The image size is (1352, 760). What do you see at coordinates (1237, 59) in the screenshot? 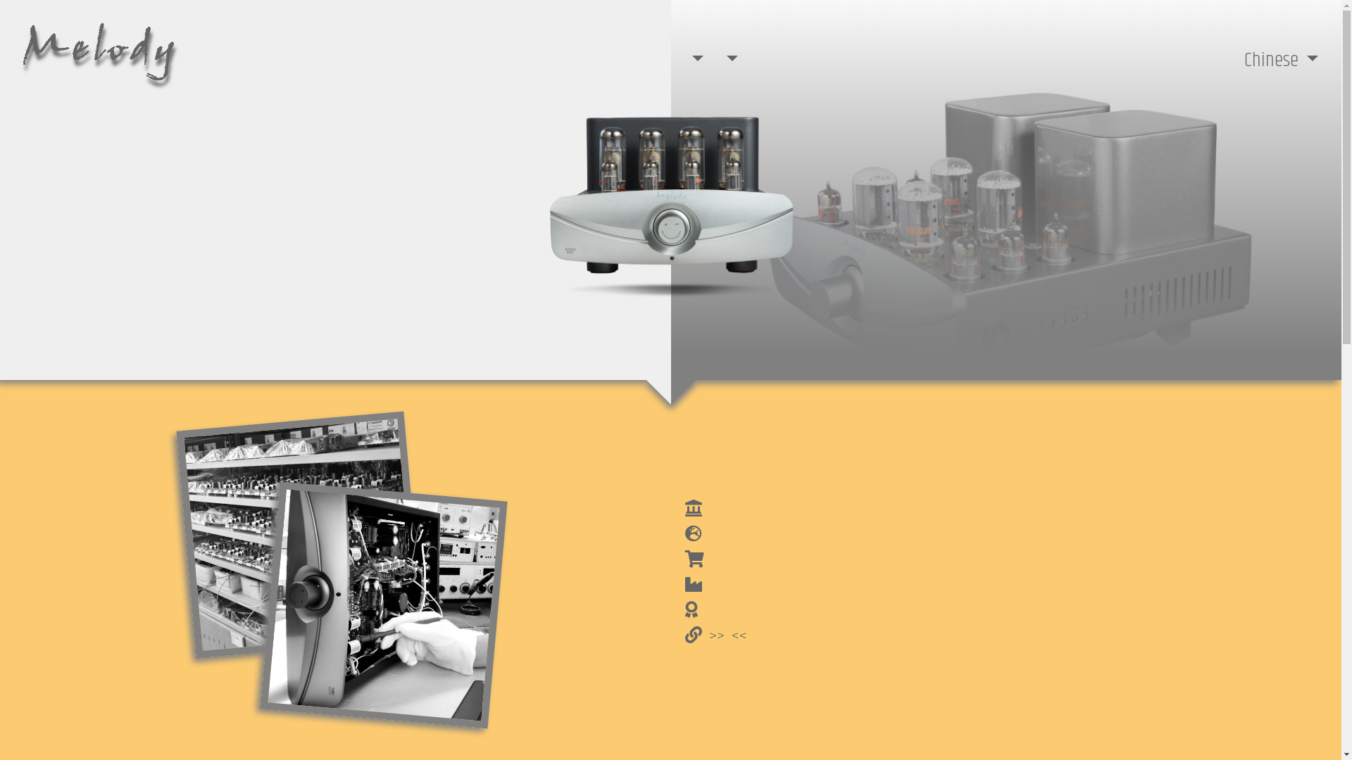
I see `'Chinese'` at bounding box center [1237, 59].